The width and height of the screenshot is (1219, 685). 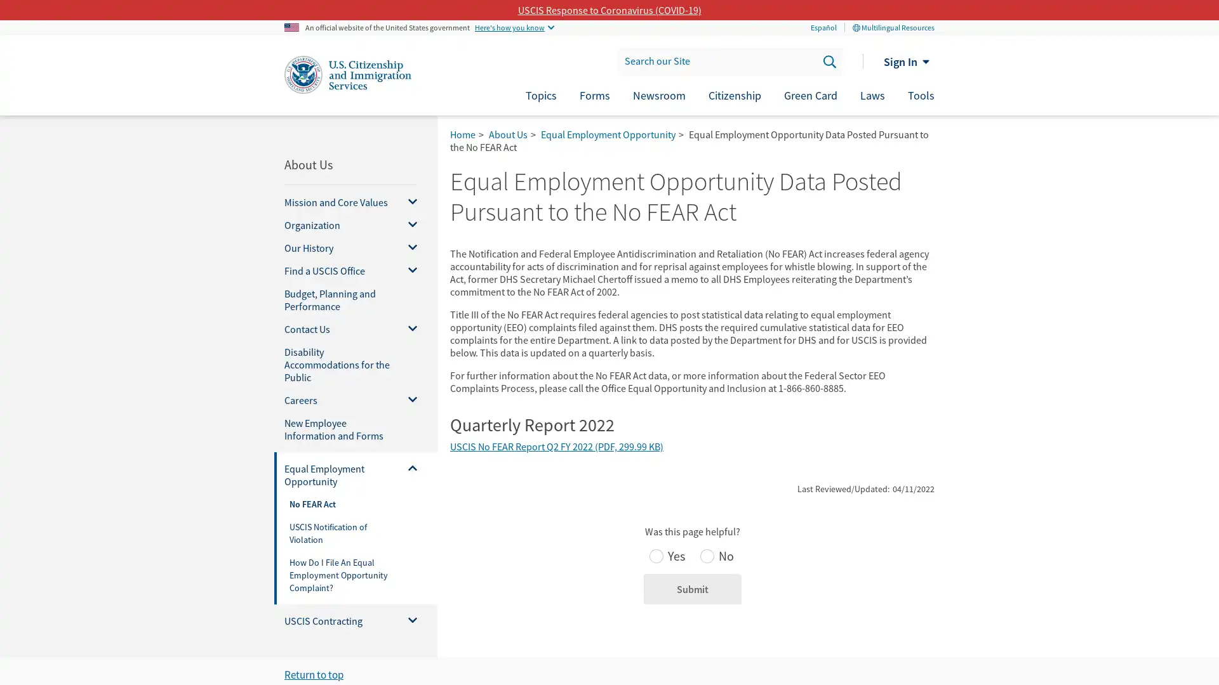 What do you see at coordinates (408, 474) in the screenshot?
I see `Toggle menu for Equal Employment Opportunity` at bounding box center [408, 474].